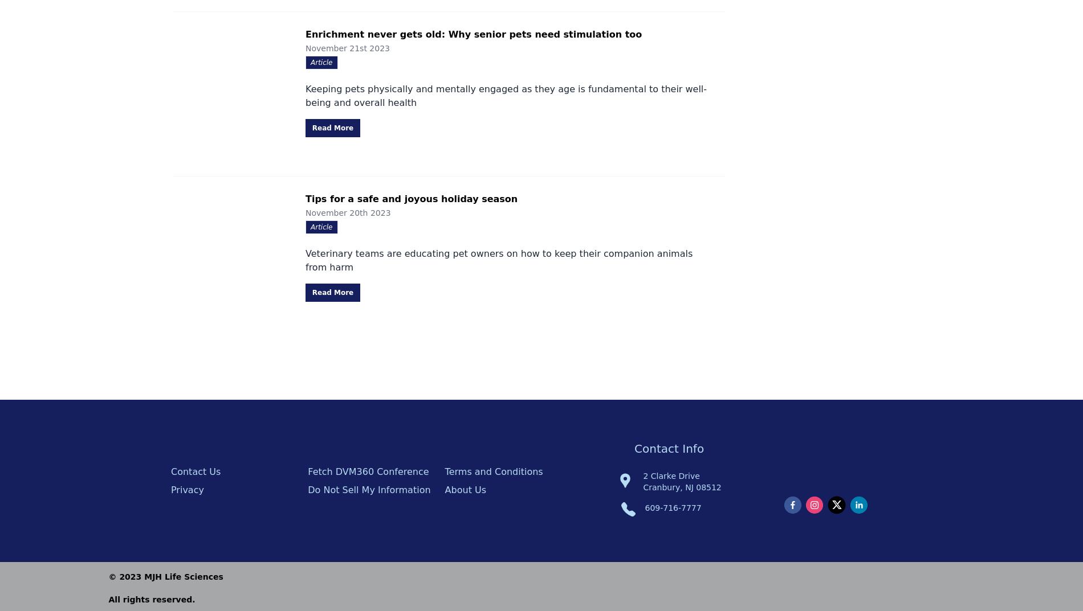 The image size is (1083, 611). What do you see at coordinates (506, 95) in the screenshot?
I see `'Keeping pets physically and mentally engaged as they age is fundamental to their well-being and overall health'` at bounding box center [506, 95].